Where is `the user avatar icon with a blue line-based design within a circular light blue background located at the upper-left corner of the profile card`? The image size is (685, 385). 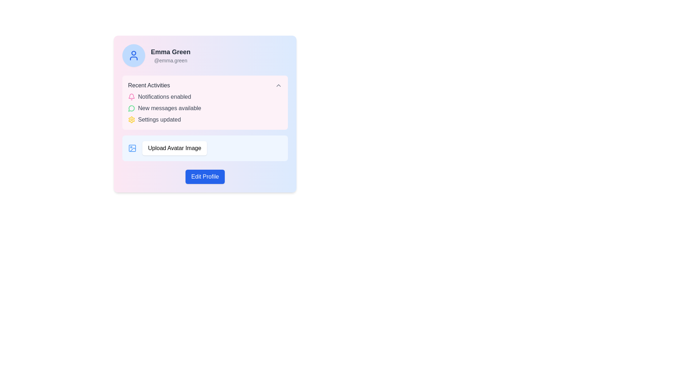 the user avatar icon with a blue line-based design within a circular light blue background located at the upper-left corner of the profile card is located at coordinates (133, 55).